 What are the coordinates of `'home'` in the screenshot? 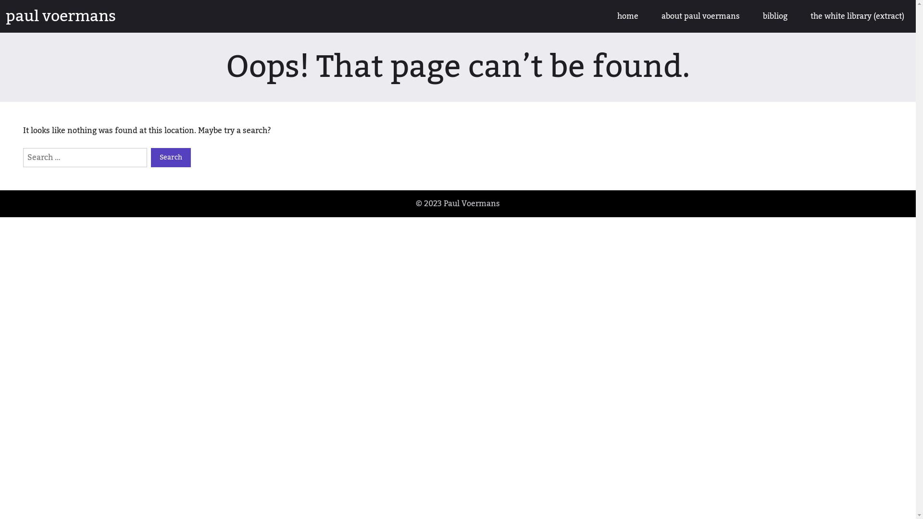 It's located at (605, 16).